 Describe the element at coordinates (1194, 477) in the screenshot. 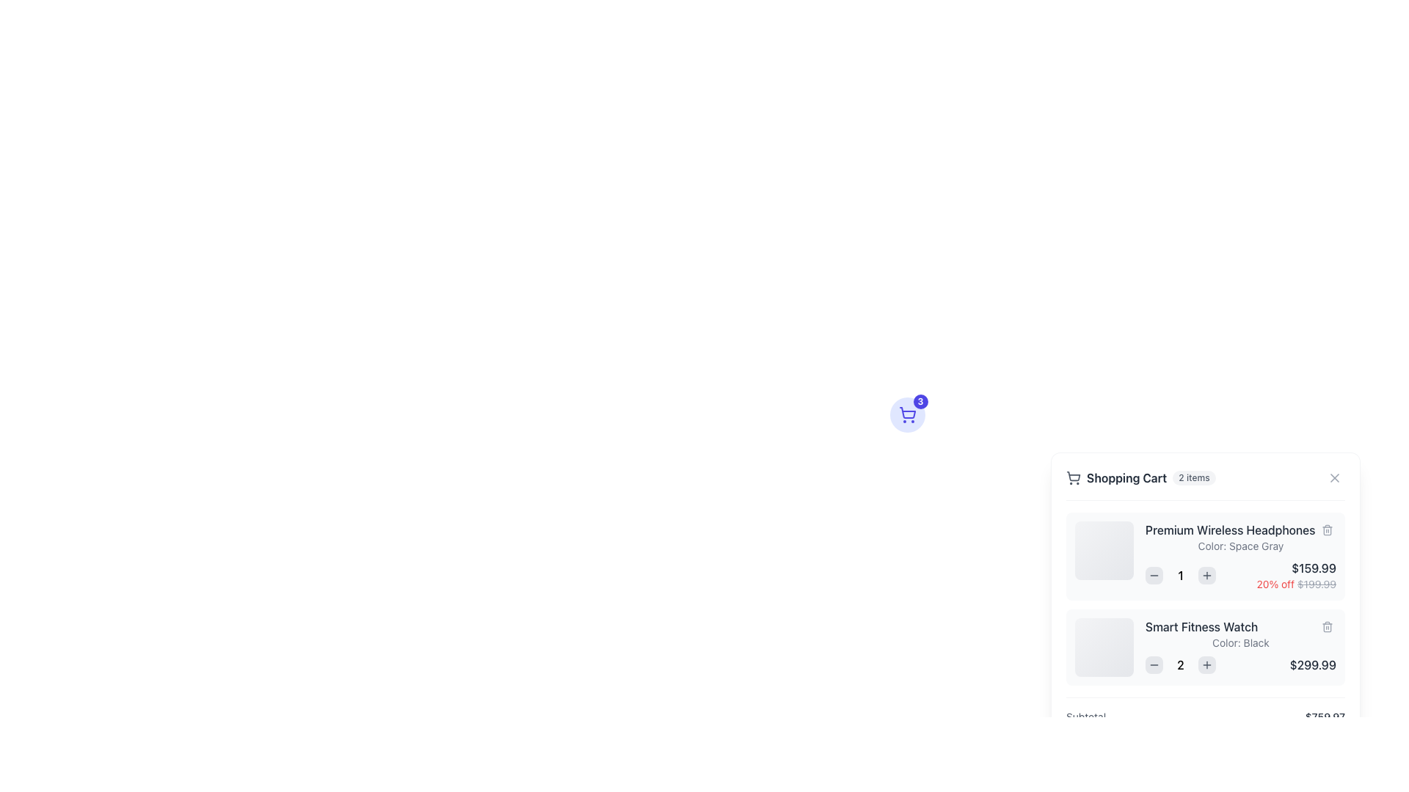

I see `the Informational Badge displaying '2 items', which is a small pill-shaped button with a light gray background, positioned to the right of the 'Shopping Cart' title in the pop-up cart summary view` at that location.